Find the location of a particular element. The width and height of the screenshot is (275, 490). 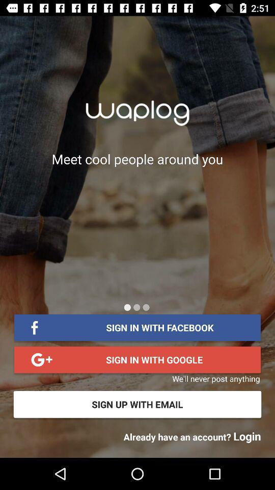

the item below the meet cool people item is located at coordinates (136, 307).